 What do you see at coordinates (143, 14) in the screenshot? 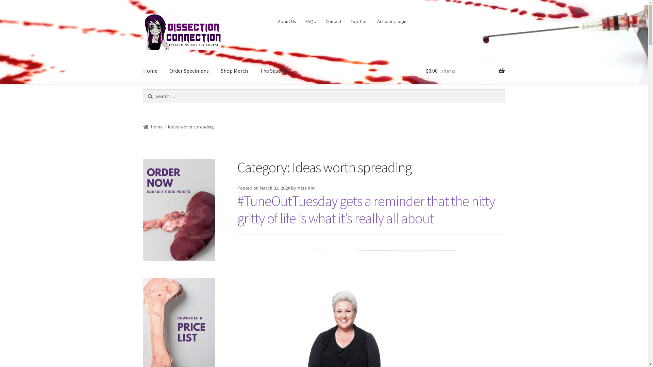
I see `'Skip to navigation'` at bounding box center [143, 14].